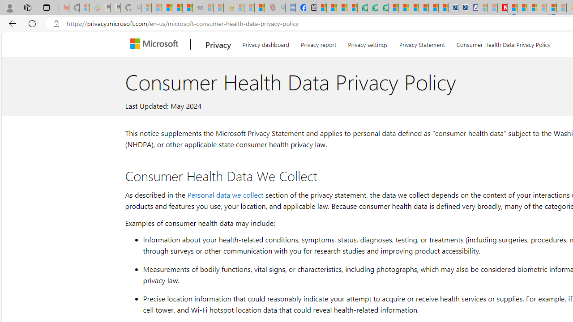 The width and height of the screenshot is (573, 322). What do you see at coordinates (319, 43) in the screenshot?
I see `'Privacy report'` at bounding box center [319, 43].